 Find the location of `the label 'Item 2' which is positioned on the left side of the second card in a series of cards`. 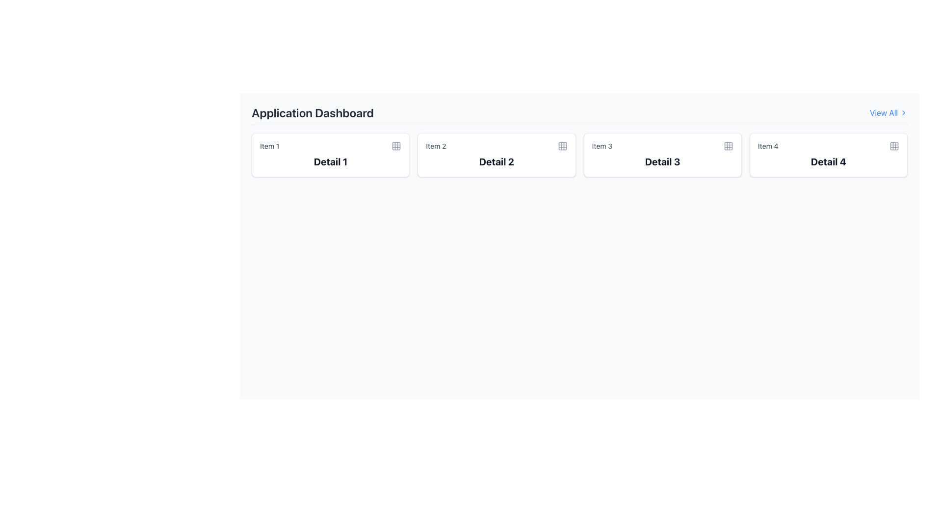

the label 'Item 2' which is positioned on the left side of the second card in a series of cards is located at coordinates (435, 146).